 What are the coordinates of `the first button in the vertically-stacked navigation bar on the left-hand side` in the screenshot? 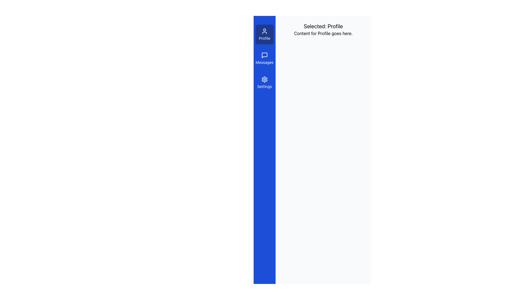 It's located at (265, 35).